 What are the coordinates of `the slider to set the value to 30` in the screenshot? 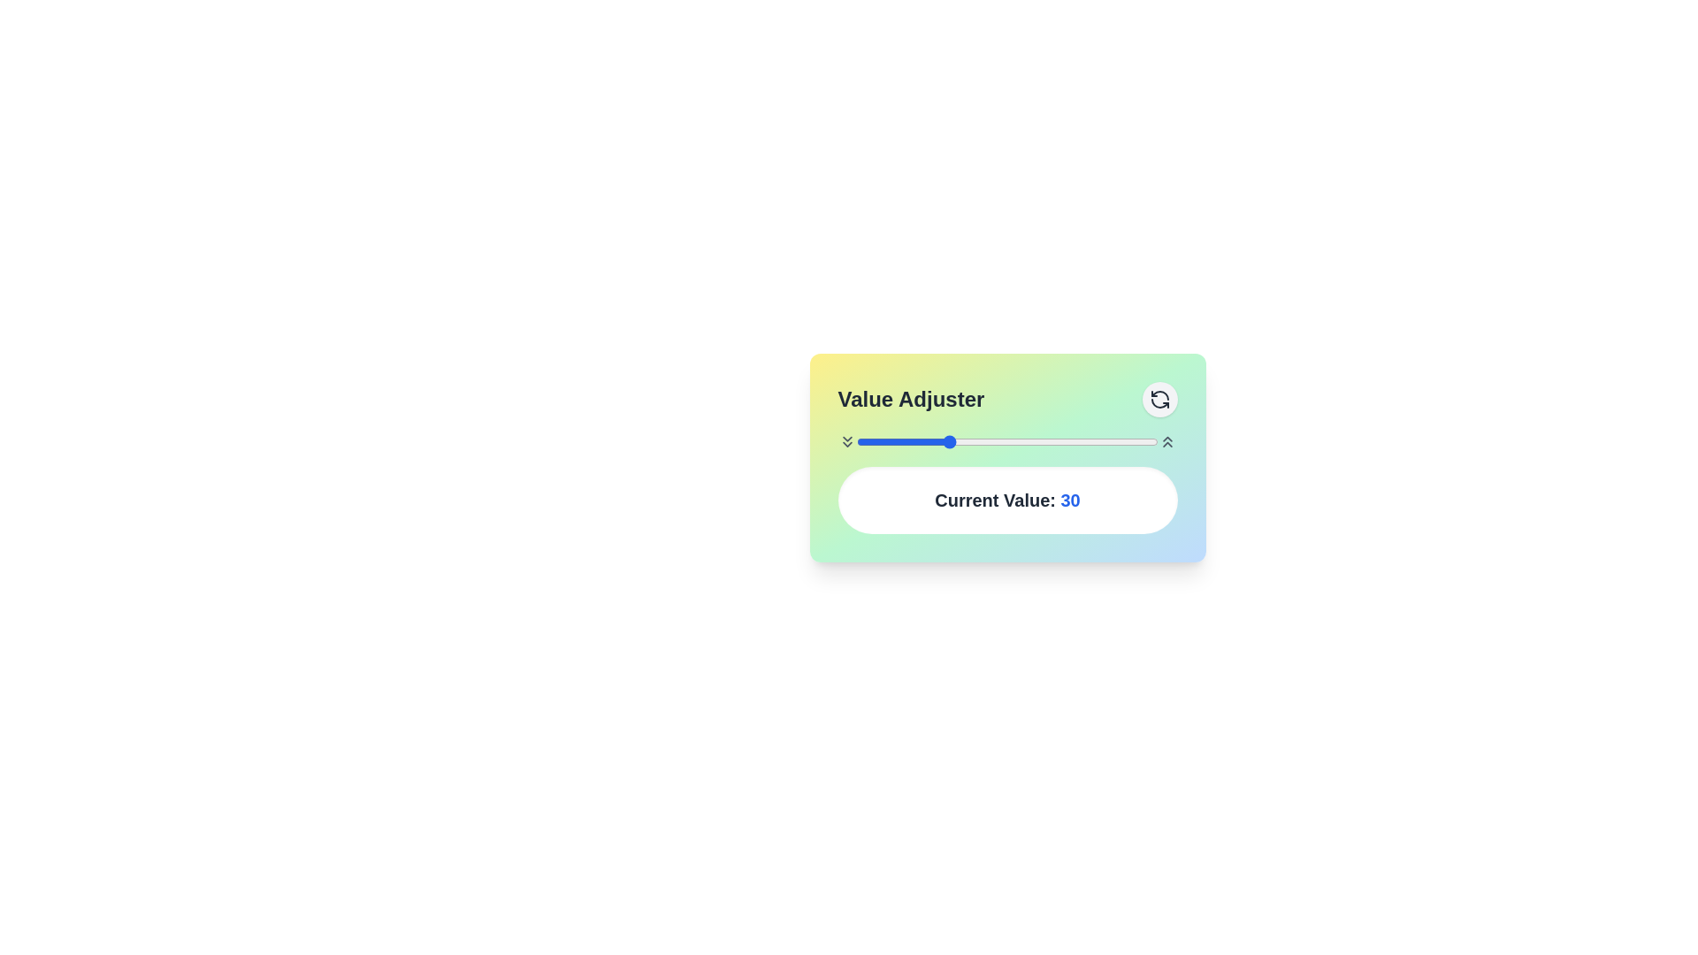 It's located at (946, 441).